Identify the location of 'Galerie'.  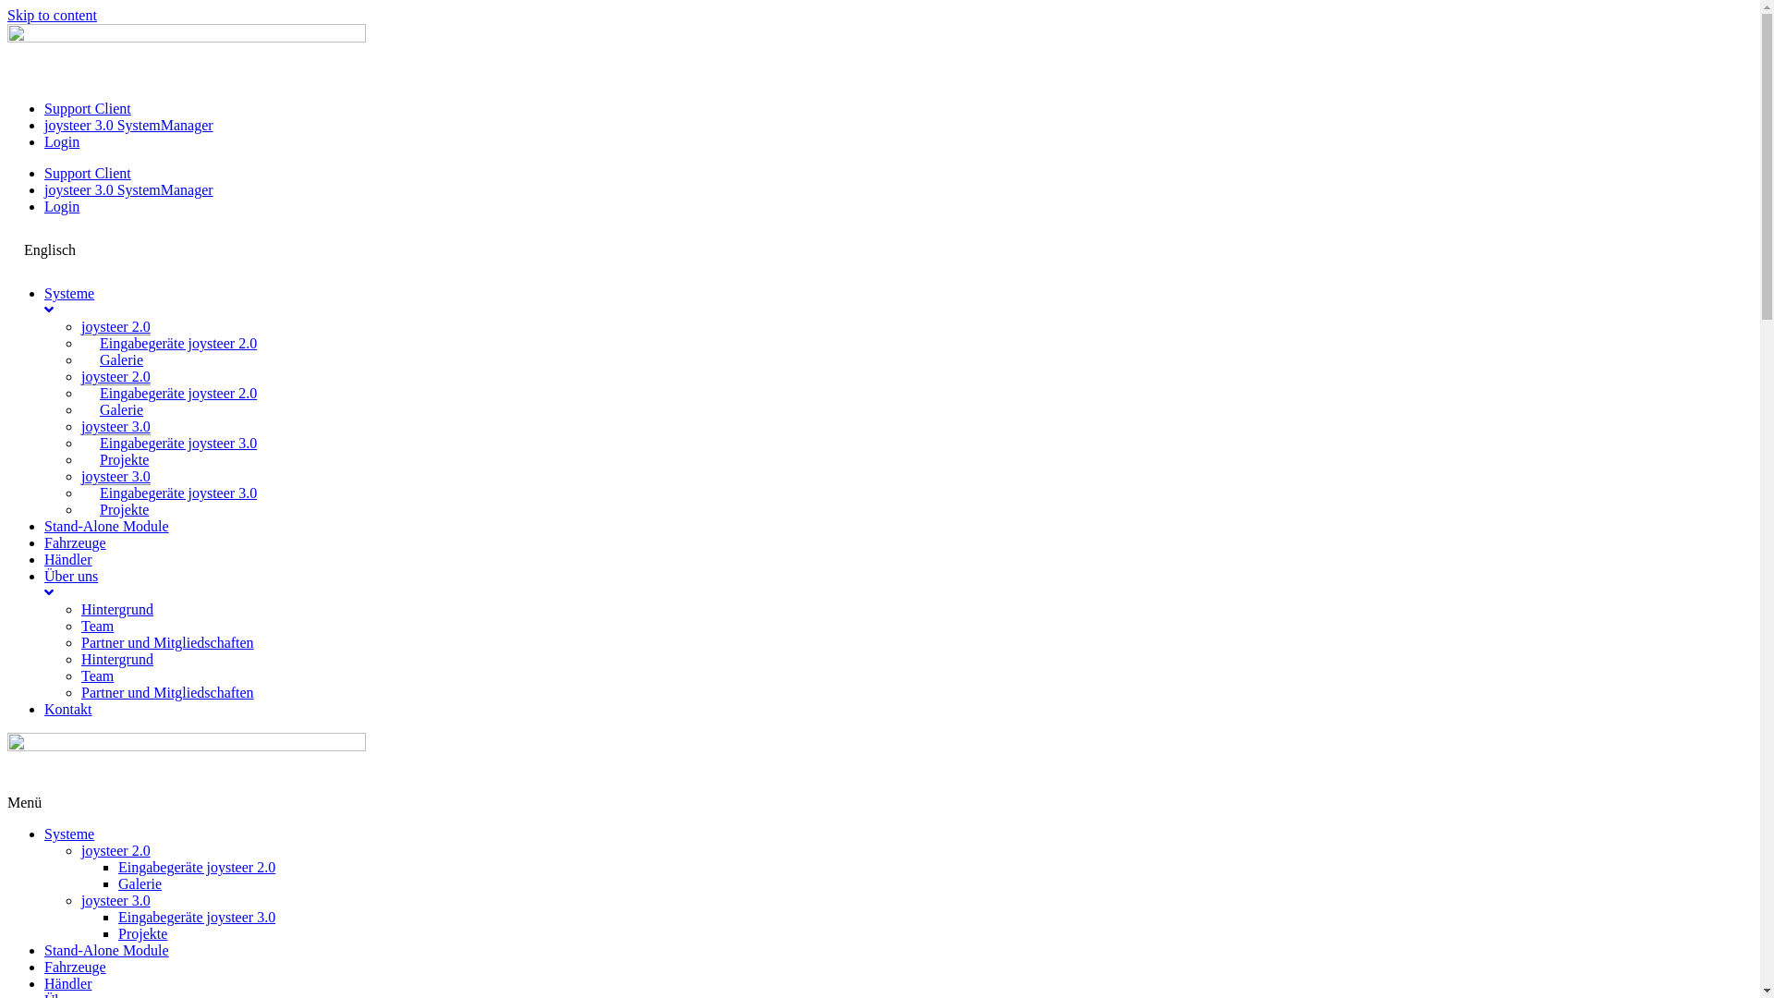
(120, 359).